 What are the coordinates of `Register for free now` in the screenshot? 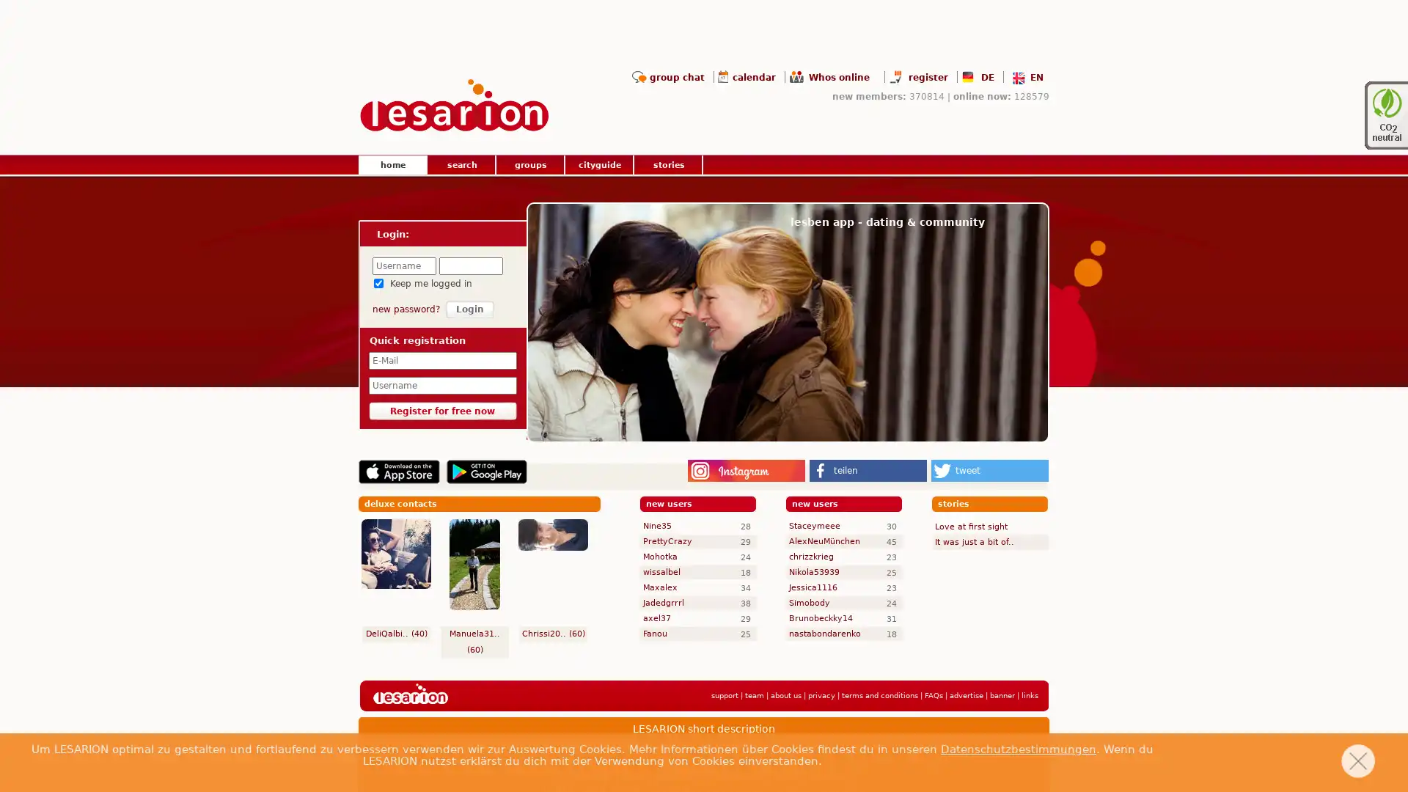 It's located at (441, 411).